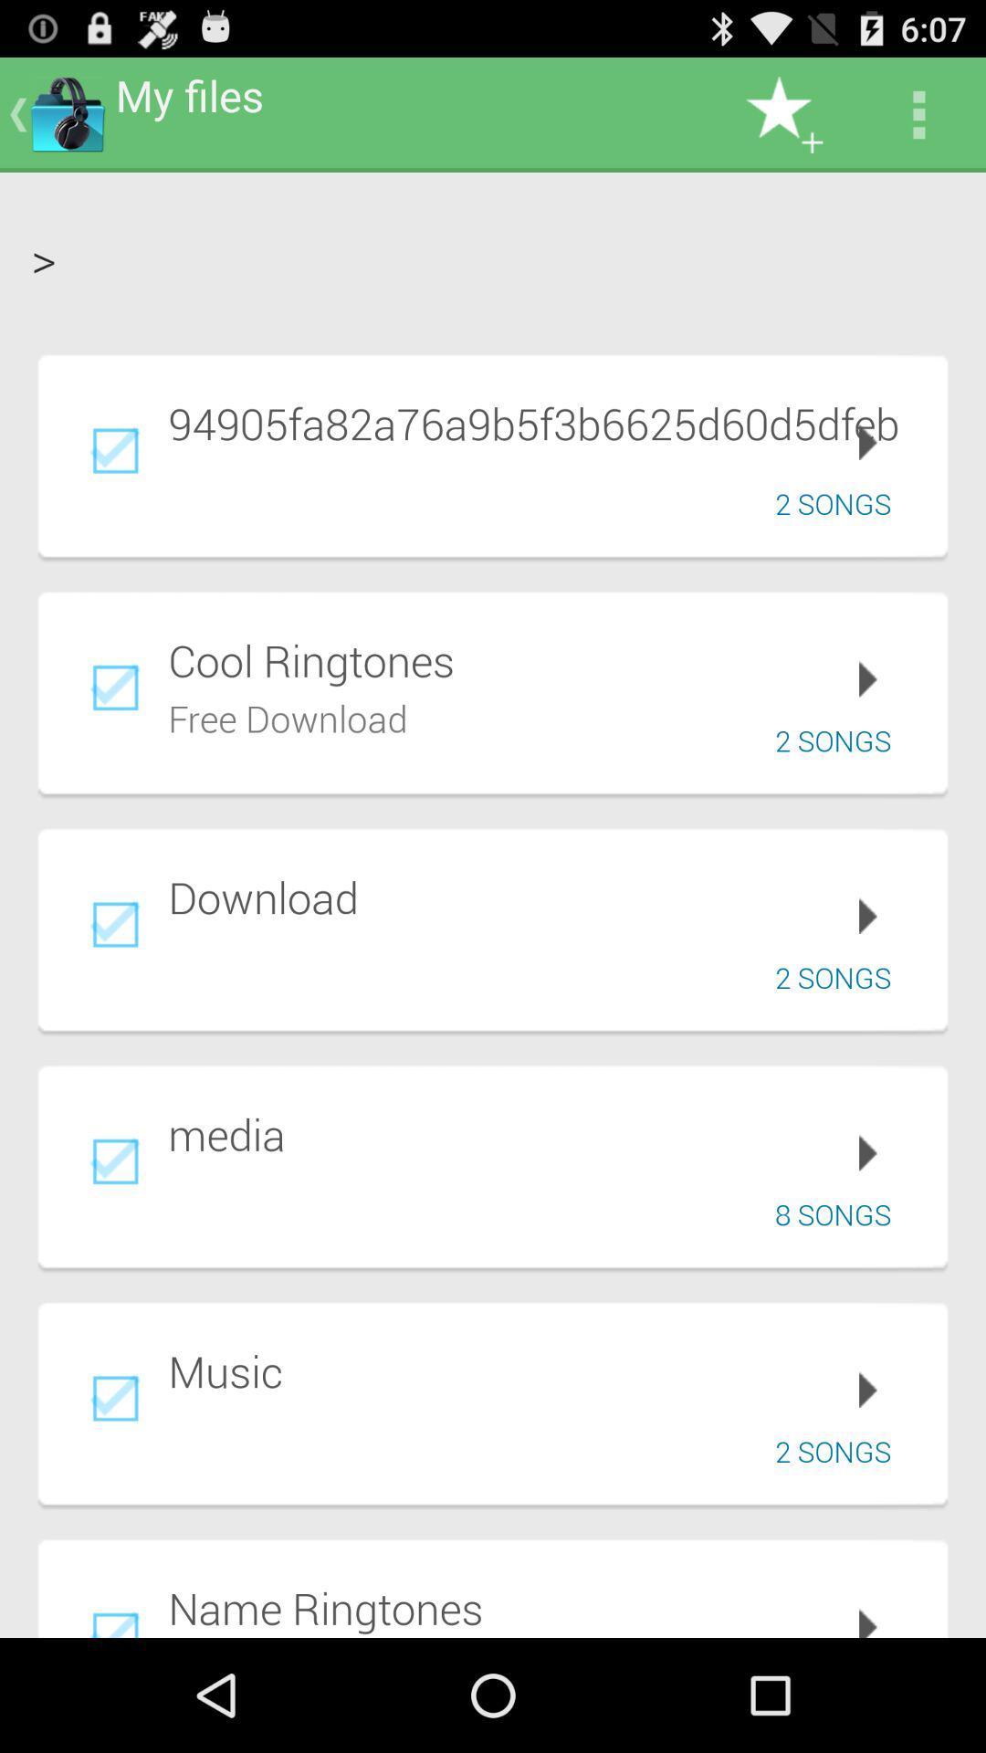  I want to click on cool ringtones icon, so click(544, 659).